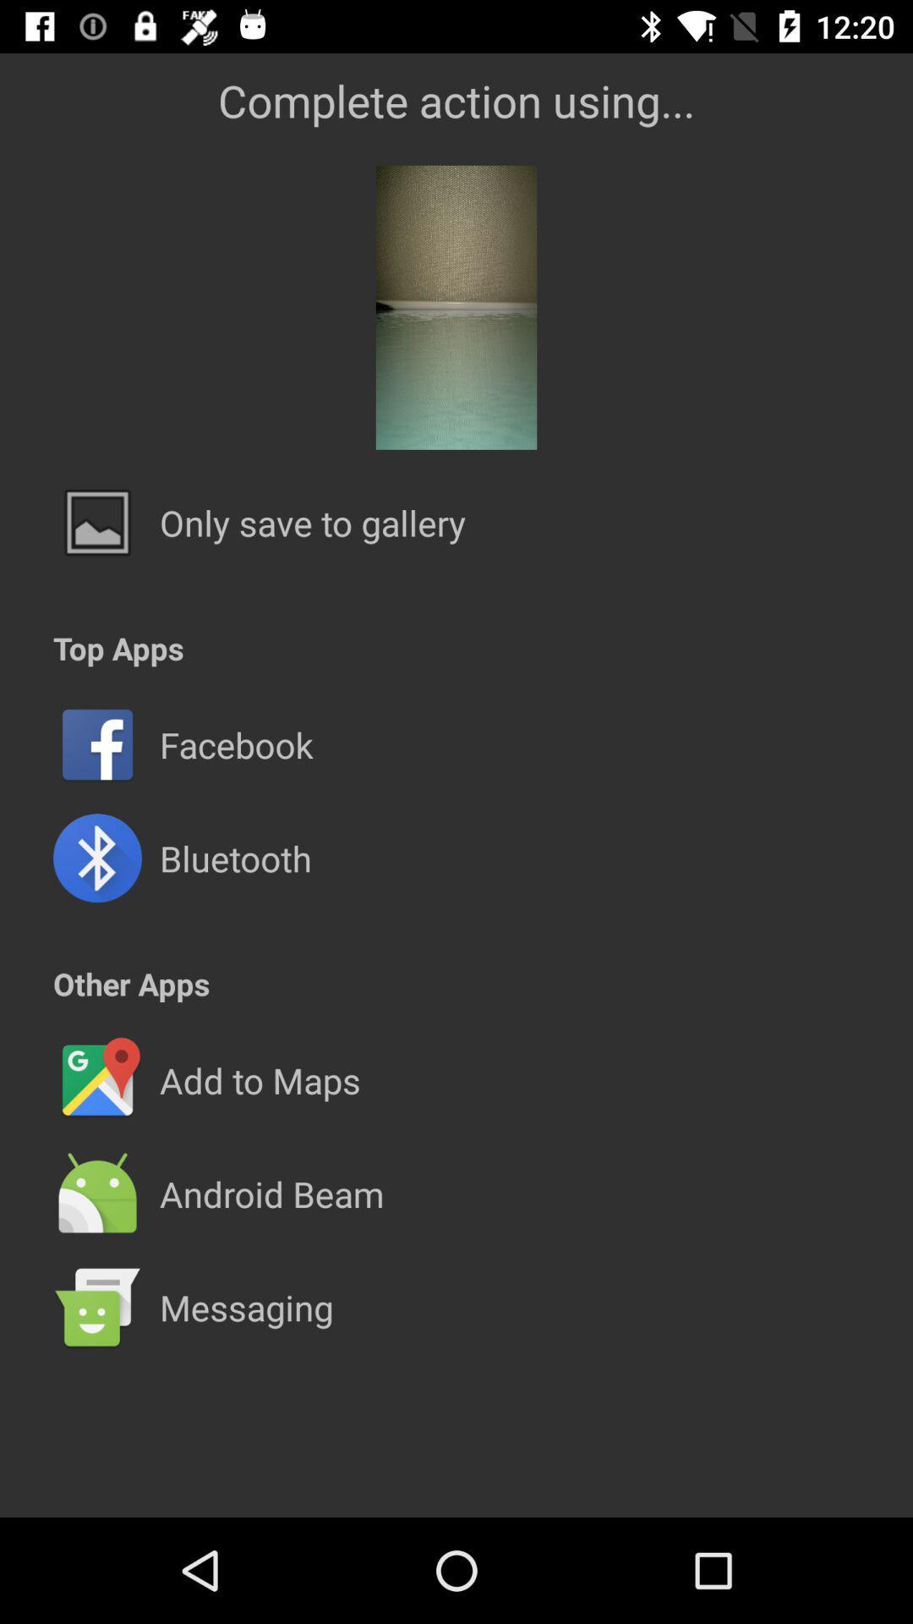 This screenshot has width=913, height=1624. What do you see at coordinates (130, 984) in the screenshot?
I see `other apps item` at bounding box center [130, 984].